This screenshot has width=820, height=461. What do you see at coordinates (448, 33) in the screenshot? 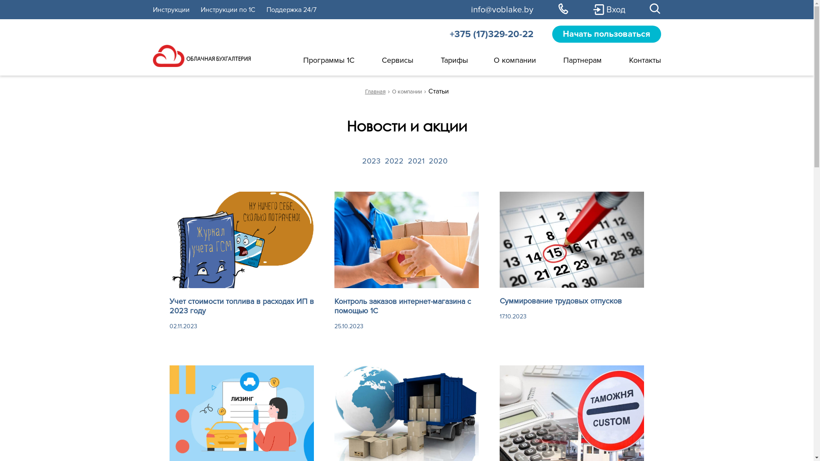
I see `'+375 (17)329-20-22'` at bounding box center [448, 33].